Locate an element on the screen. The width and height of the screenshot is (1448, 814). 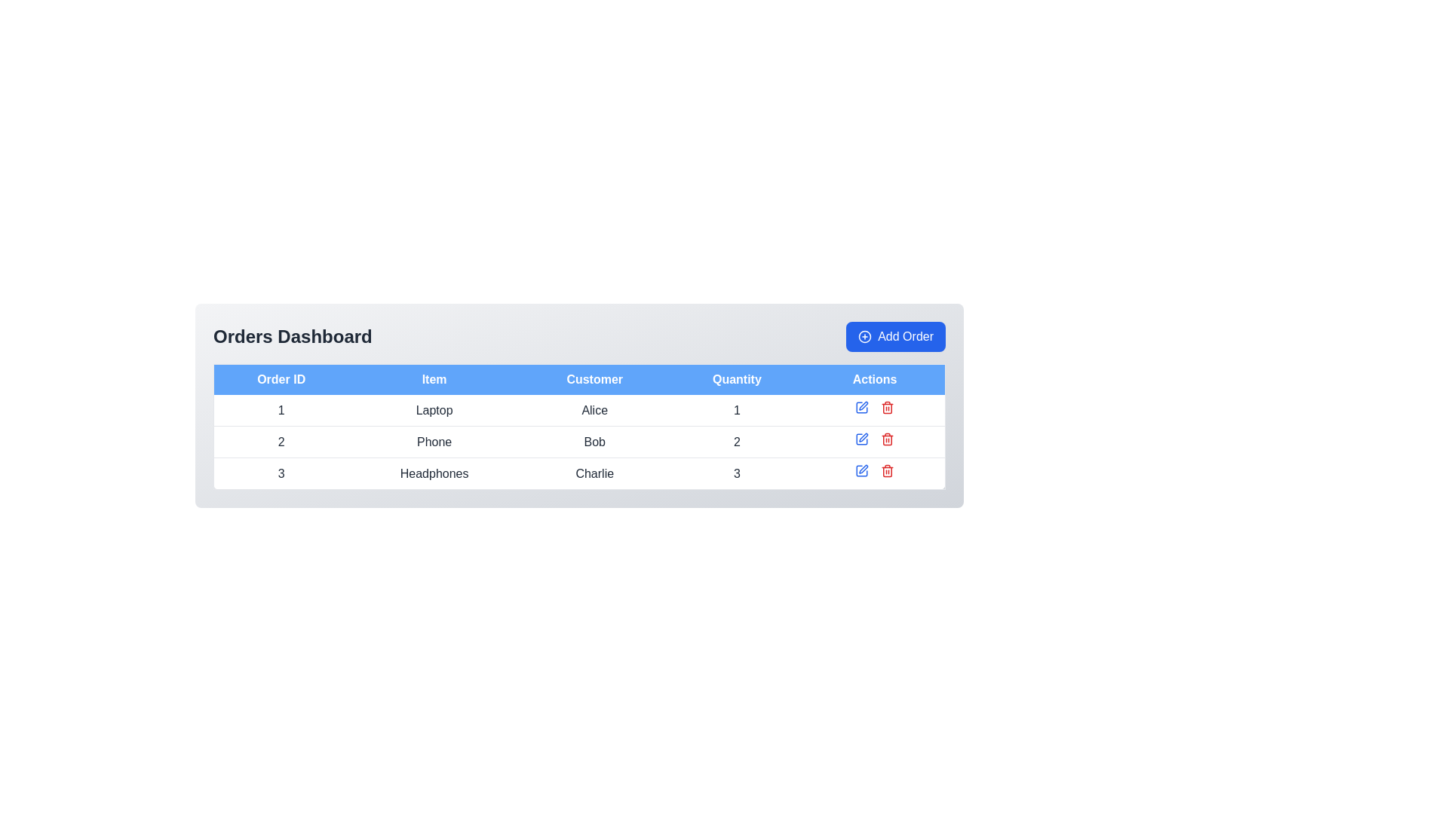
the text label displaying 'Headphones' located in the third row of the table under the 'Item' column is located at coordinates (434, 473).